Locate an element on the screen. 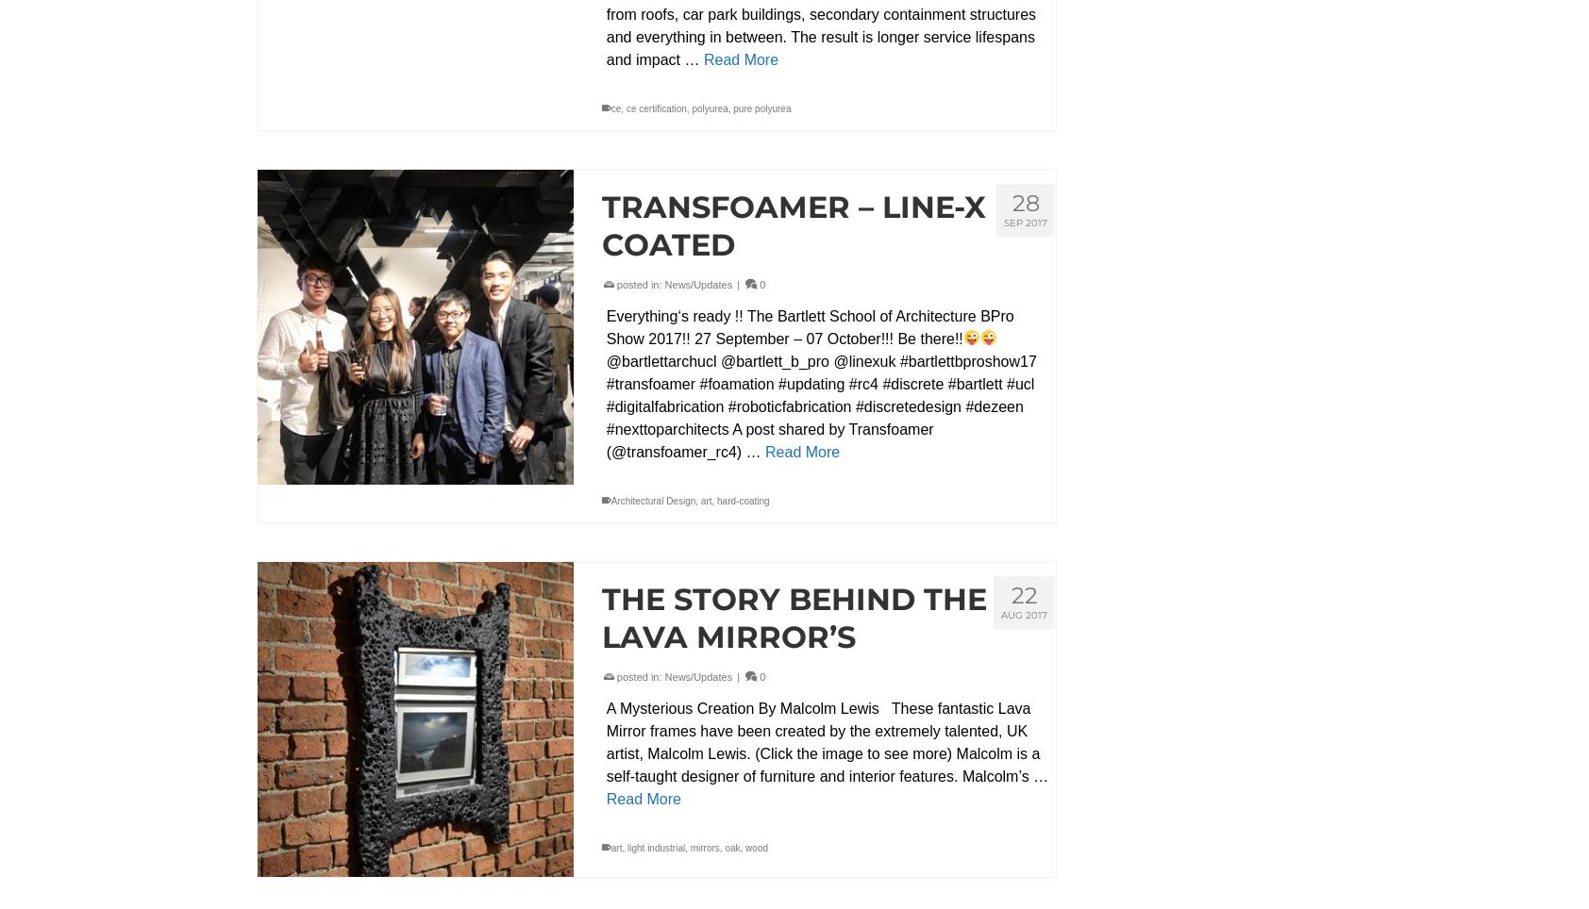  'light industrial' is located at coordinates (656, 846).